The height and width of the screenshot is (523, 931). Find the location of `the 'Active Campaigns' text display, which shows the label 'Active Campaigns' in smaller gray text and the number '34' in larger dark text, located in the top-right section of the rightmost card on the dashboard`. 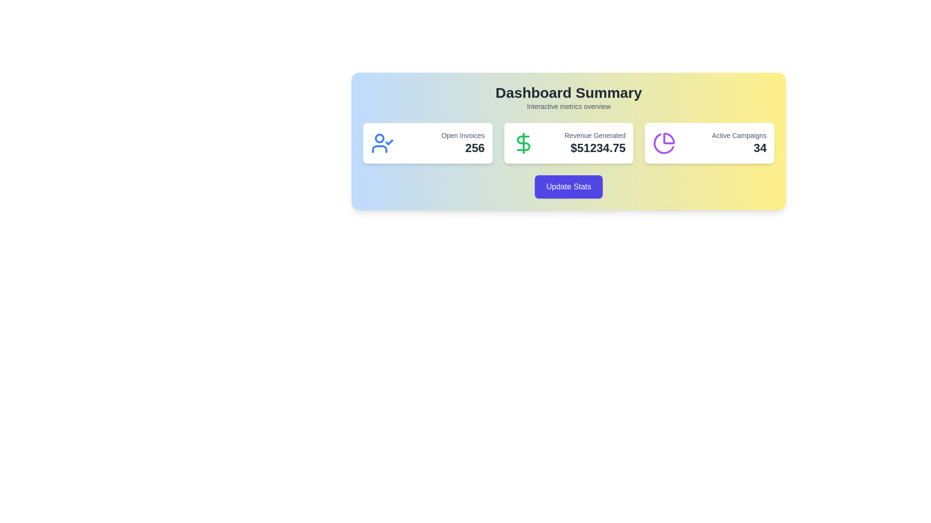

the 'Active Campaigns' text display, which shows the label 'Active Campaigns' in smaller gray text and the number '34' in larger dark text, located in the top-right section of the rightmost card on the dashboard is located at coordinates (738, 143).